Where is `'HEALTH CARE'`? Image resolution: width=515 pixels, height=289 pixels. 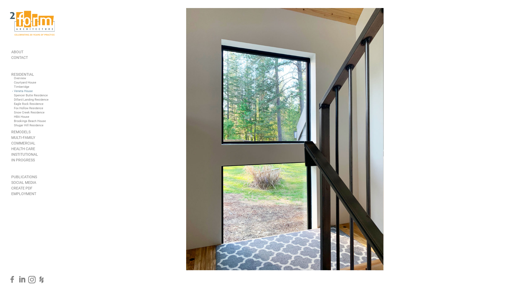
'HEALTH CARE' is located at coordinates (23, 149).